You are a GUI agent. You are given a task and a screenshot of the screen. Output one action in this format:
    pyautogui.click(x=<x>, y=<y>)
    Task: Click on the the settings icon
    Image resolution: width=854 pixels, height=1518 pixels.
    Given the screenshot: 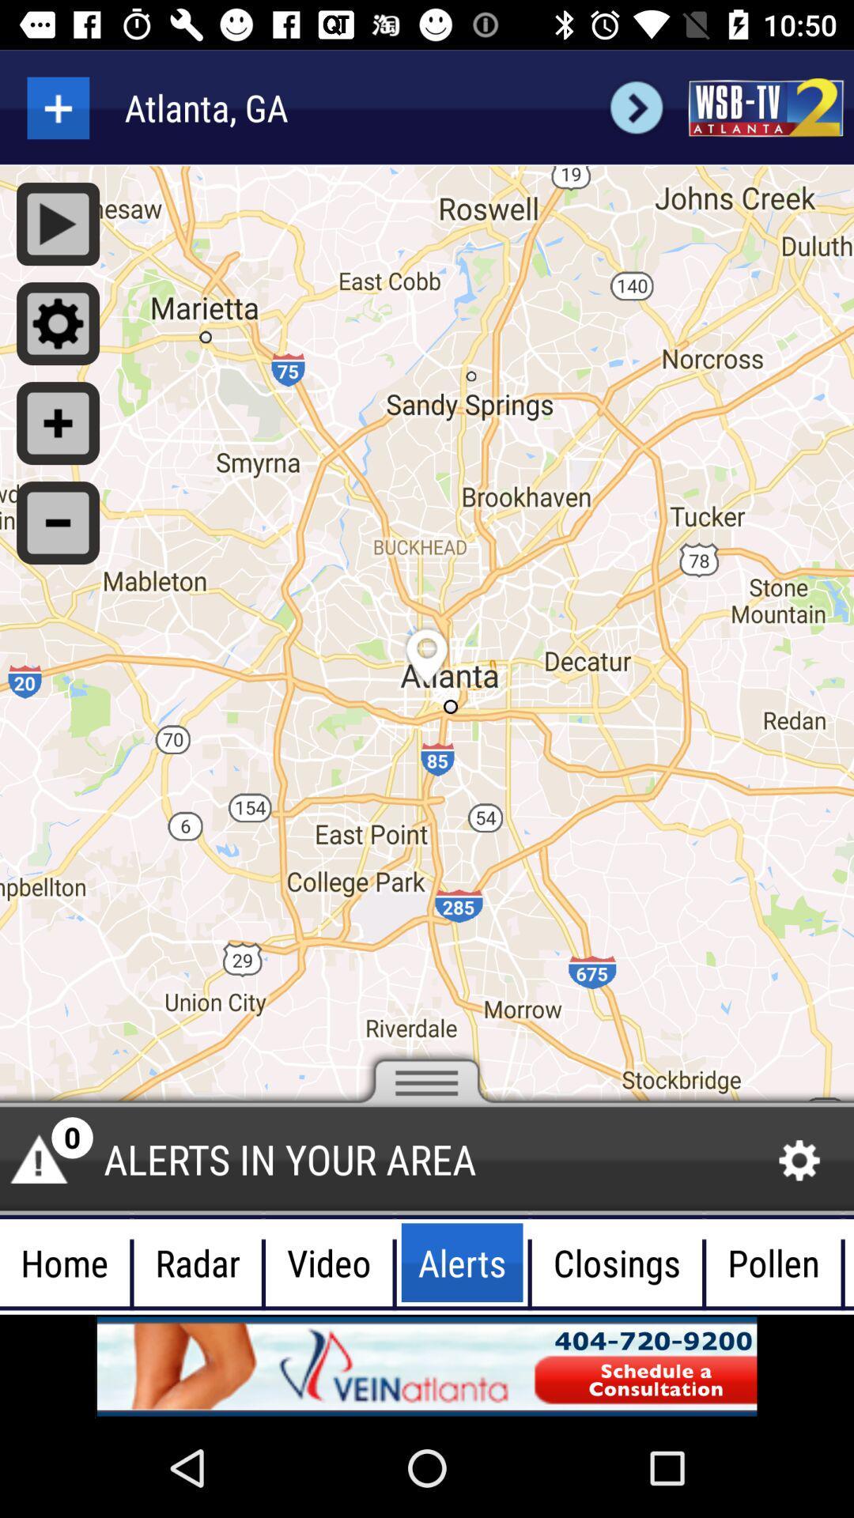 What is the action you would take?
    pyautogui.click(x=799, y=1161)
    